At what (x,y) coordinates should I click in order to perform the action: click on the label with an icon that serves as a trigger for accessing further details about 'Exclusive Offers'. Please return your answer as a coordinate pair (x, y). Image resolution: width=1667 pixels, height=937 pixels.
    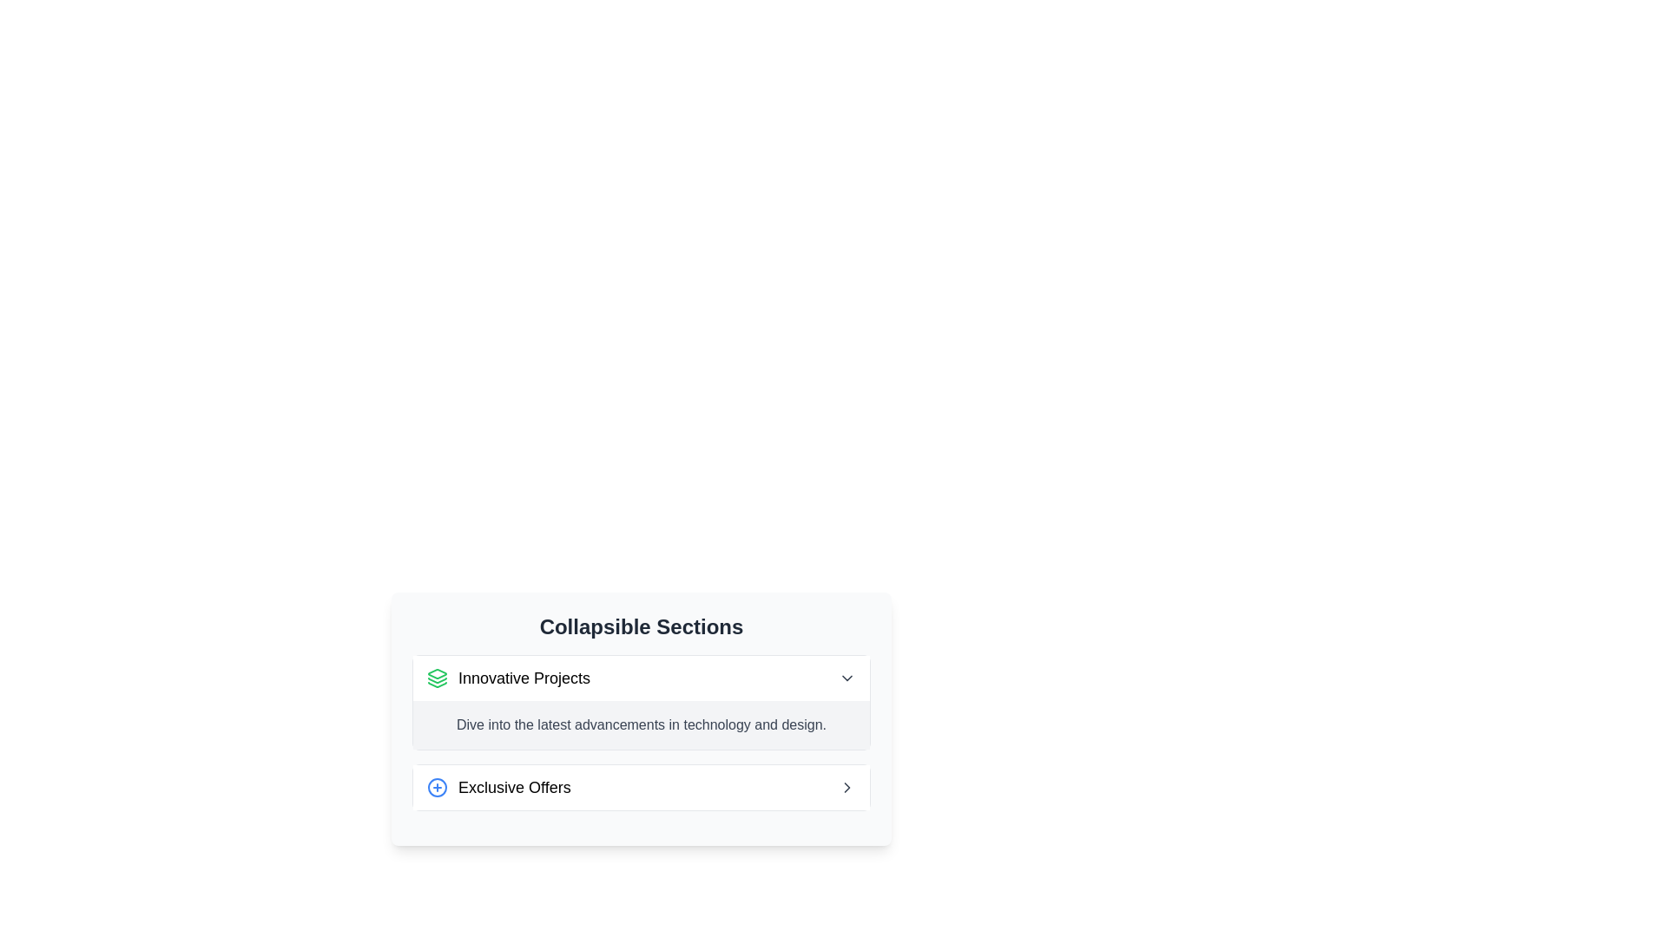
    Looking at the image, I should click on (497, 787).